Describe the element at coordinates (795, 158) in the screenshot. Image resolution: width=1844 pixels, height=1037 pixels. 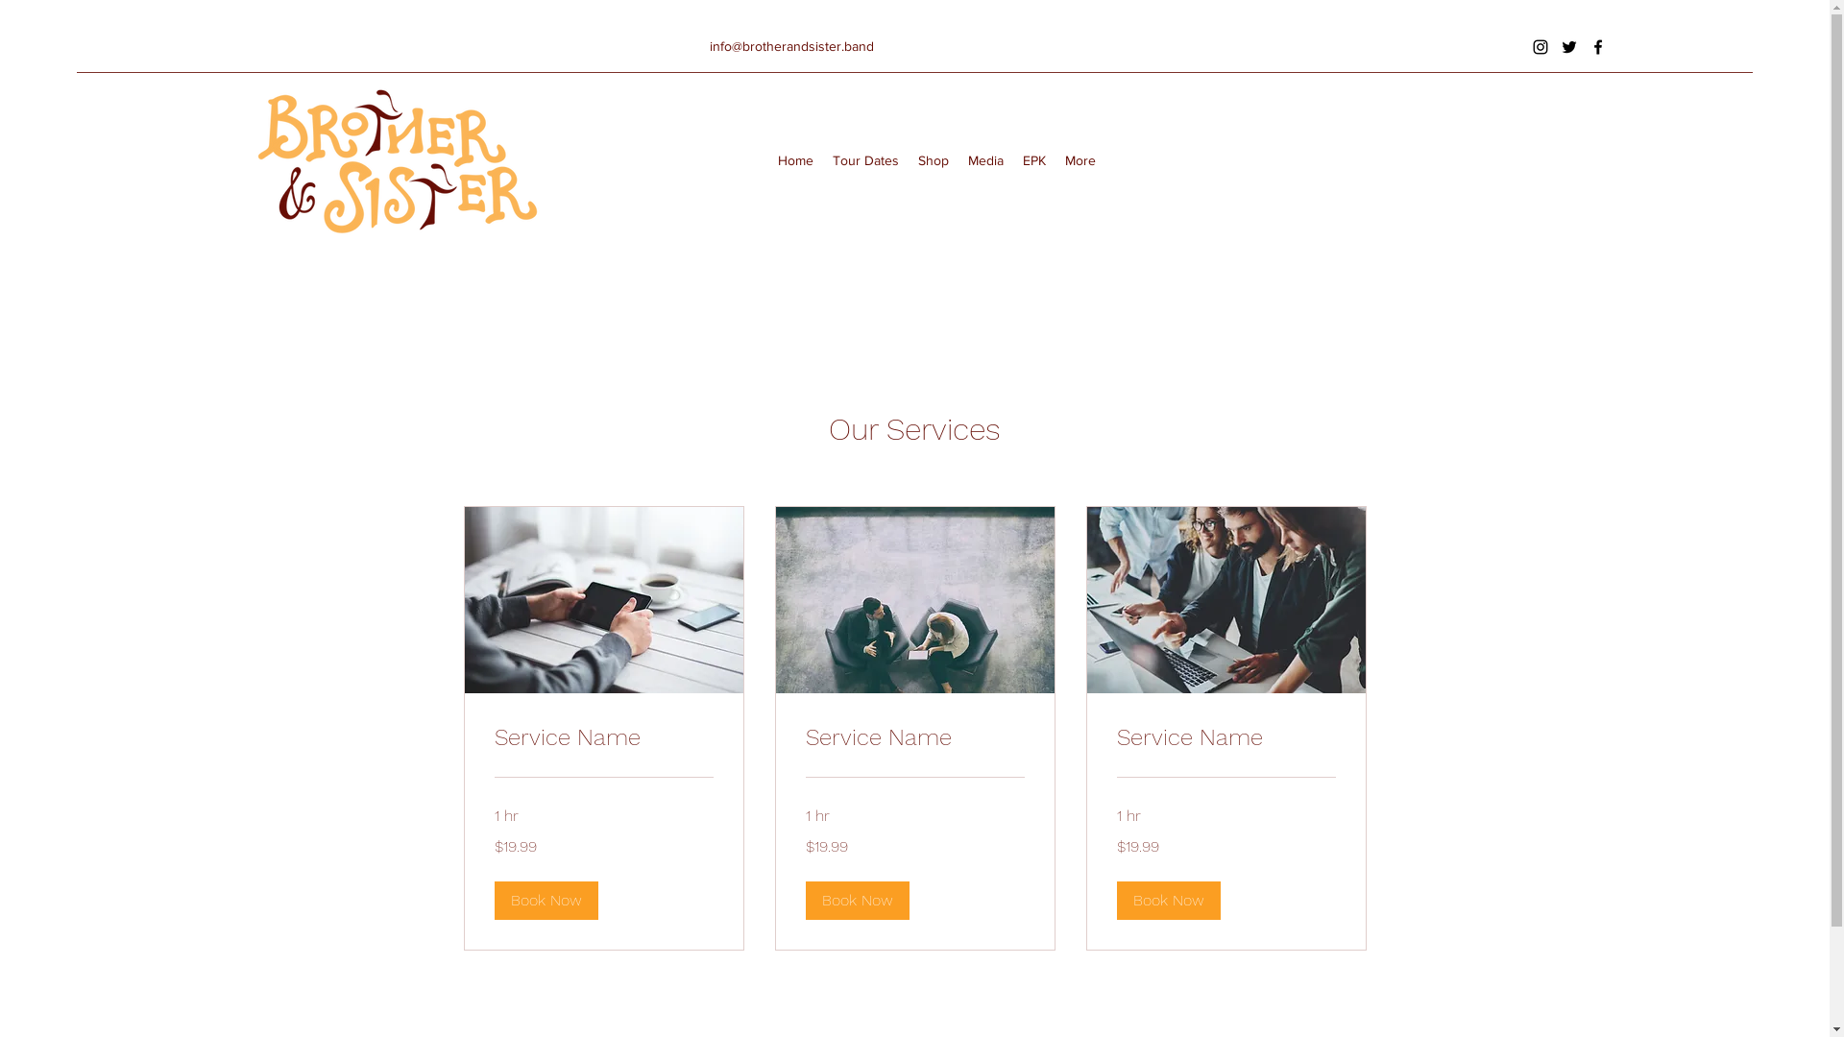
I see `'Home'` at that location.